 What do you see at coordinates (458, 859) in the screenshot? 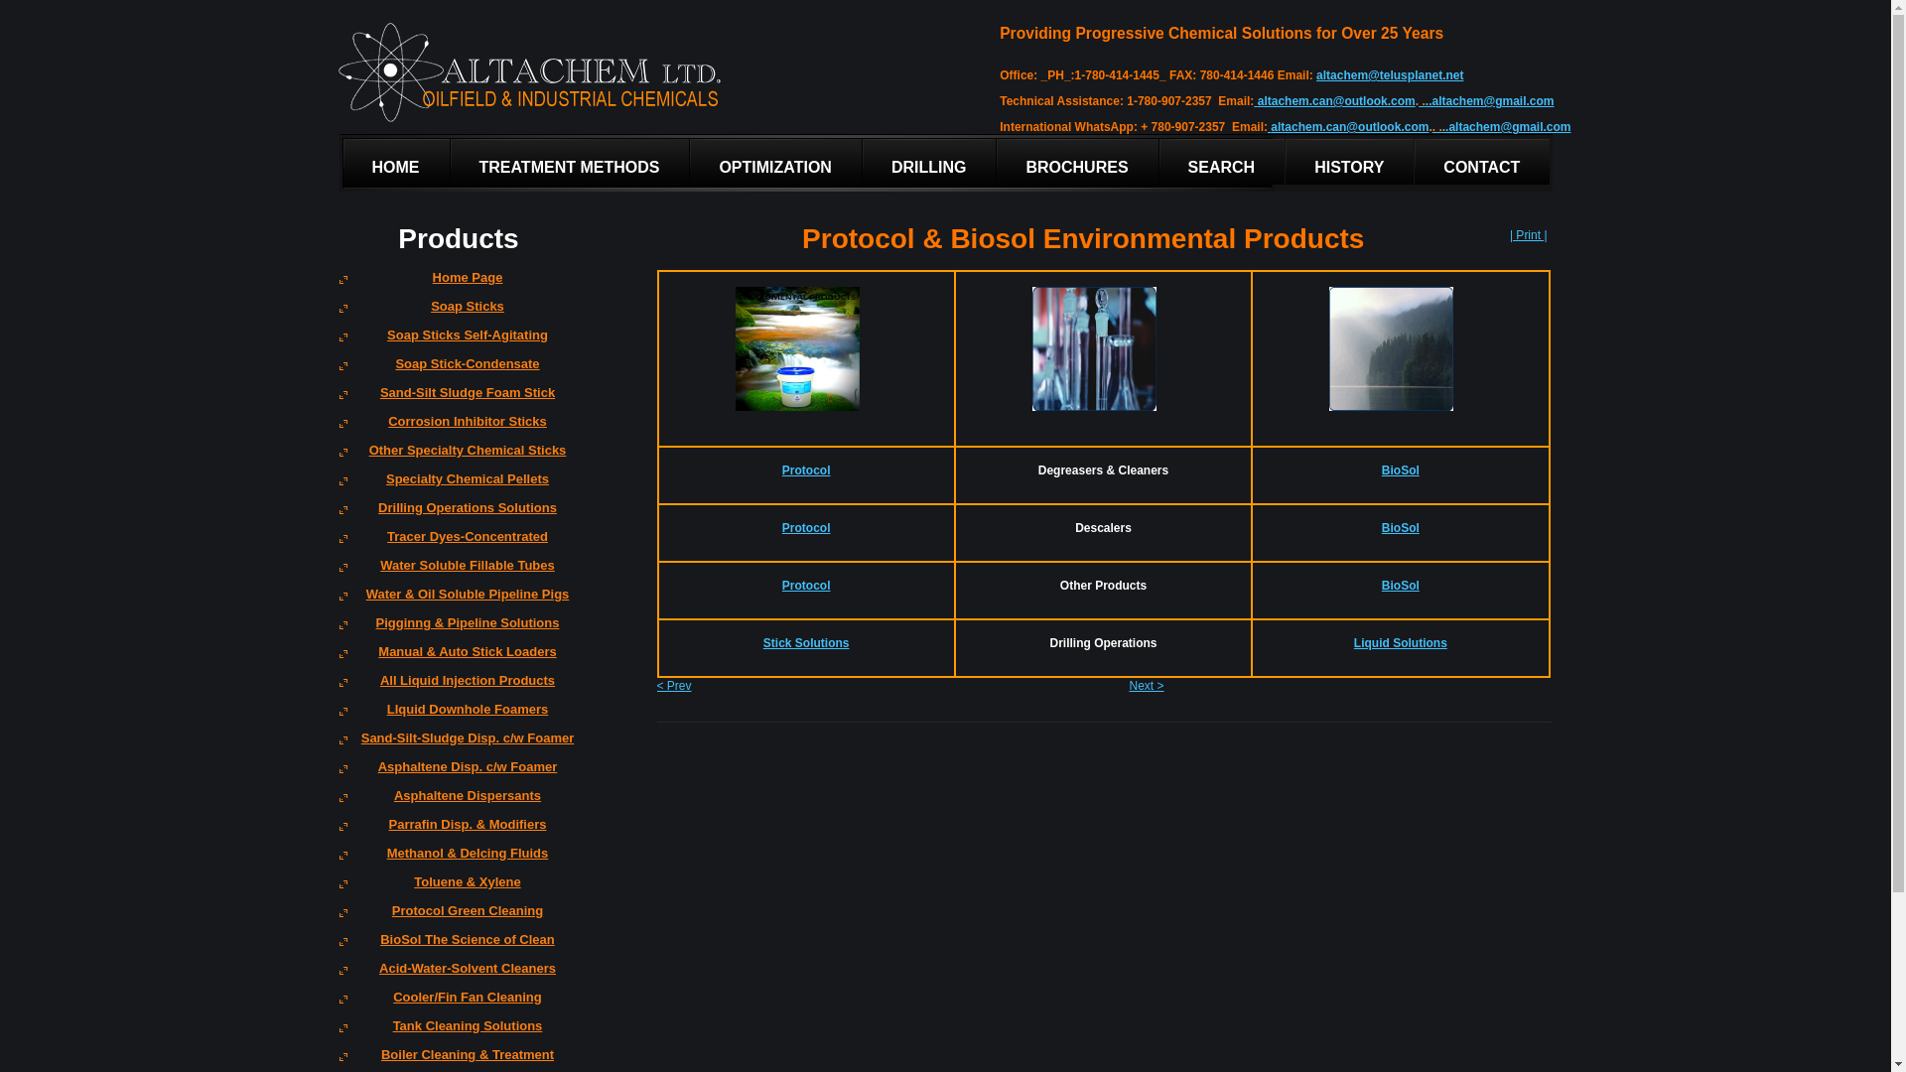
I see `'Methanol & DeIcing Fluids'` at bounding box center [458, 859].